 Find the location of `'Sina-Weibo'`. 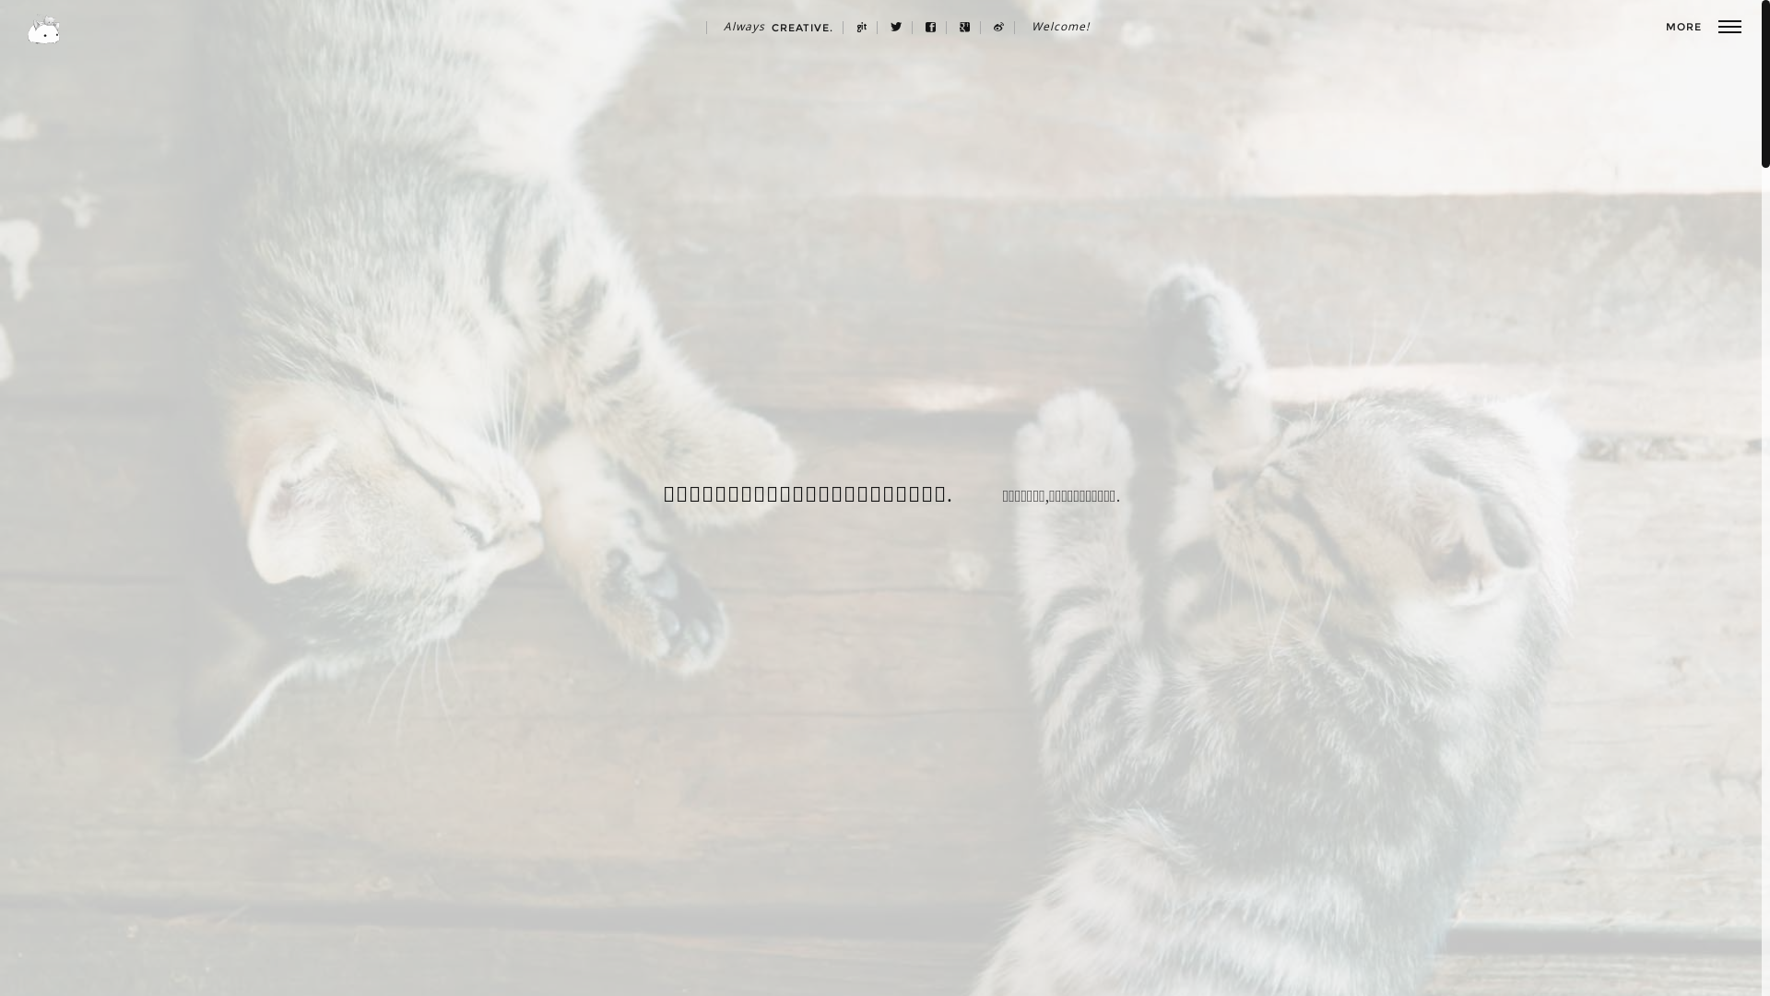

'Sina-Weibo' is located at coordinates (998, 28).